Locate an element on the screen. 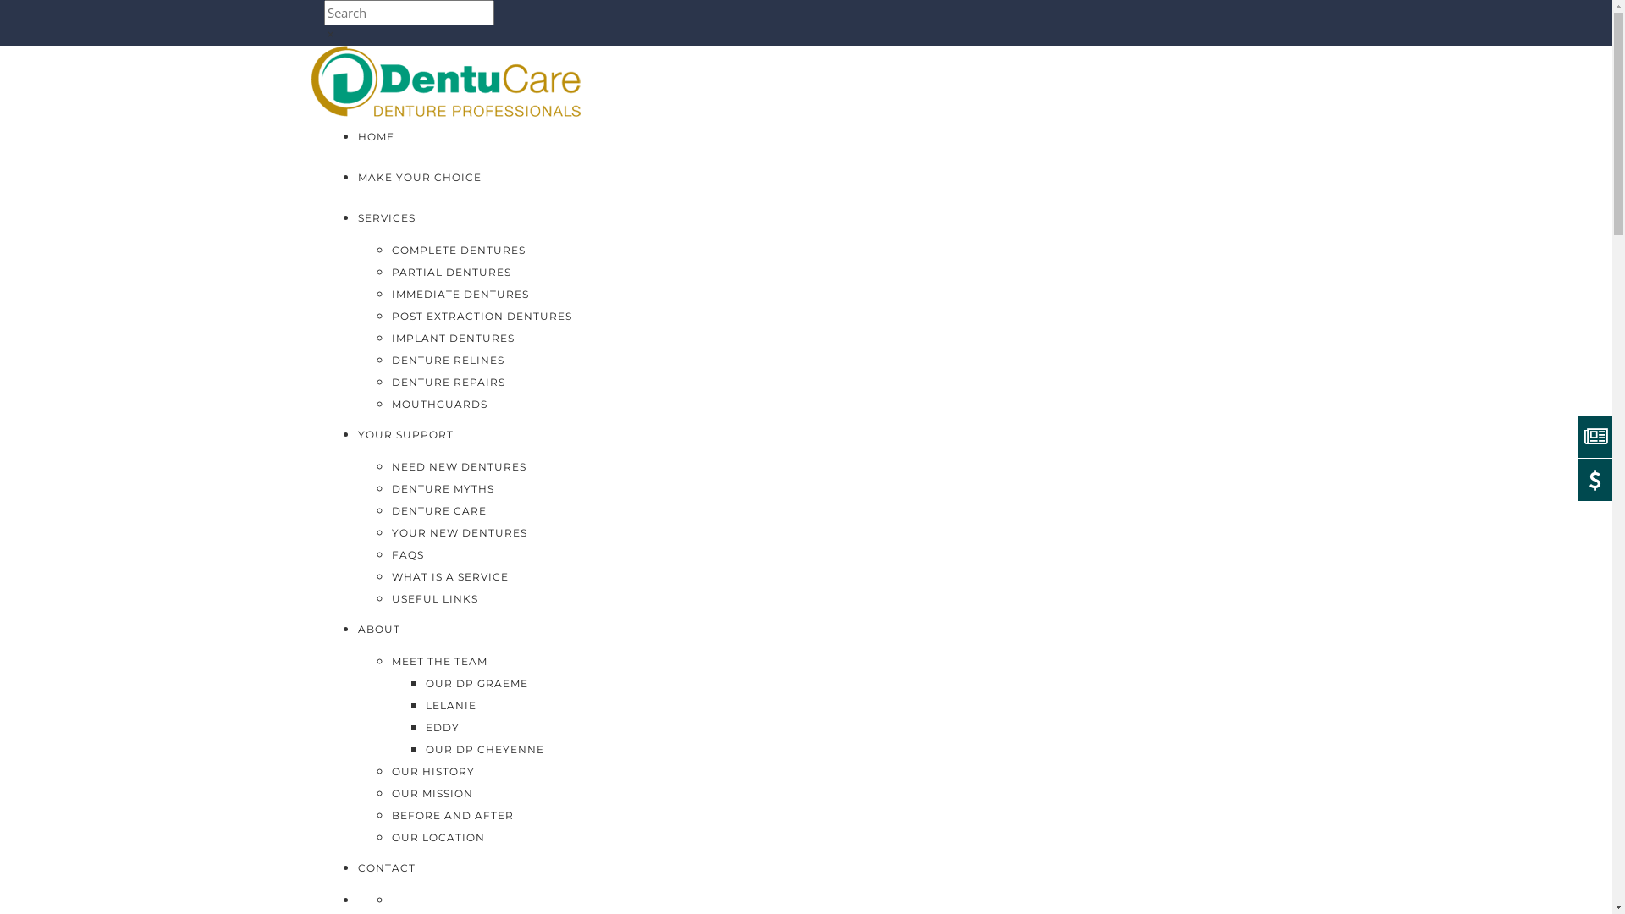 This screenshot has height=914, width=1625. 'OUR DP GRAEME' is located at coordinates (475, 682).